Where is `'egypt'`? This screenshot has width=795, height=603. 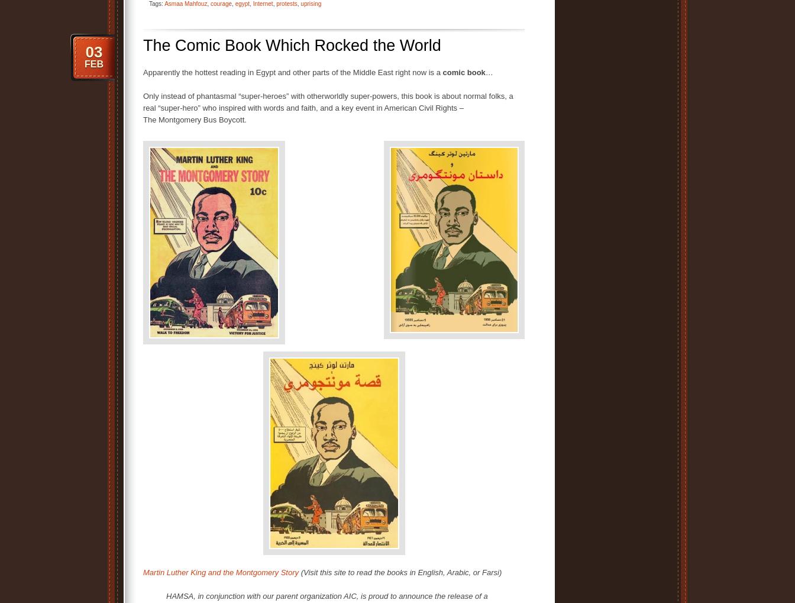
'egypt' is located at coordinates (241, 3).